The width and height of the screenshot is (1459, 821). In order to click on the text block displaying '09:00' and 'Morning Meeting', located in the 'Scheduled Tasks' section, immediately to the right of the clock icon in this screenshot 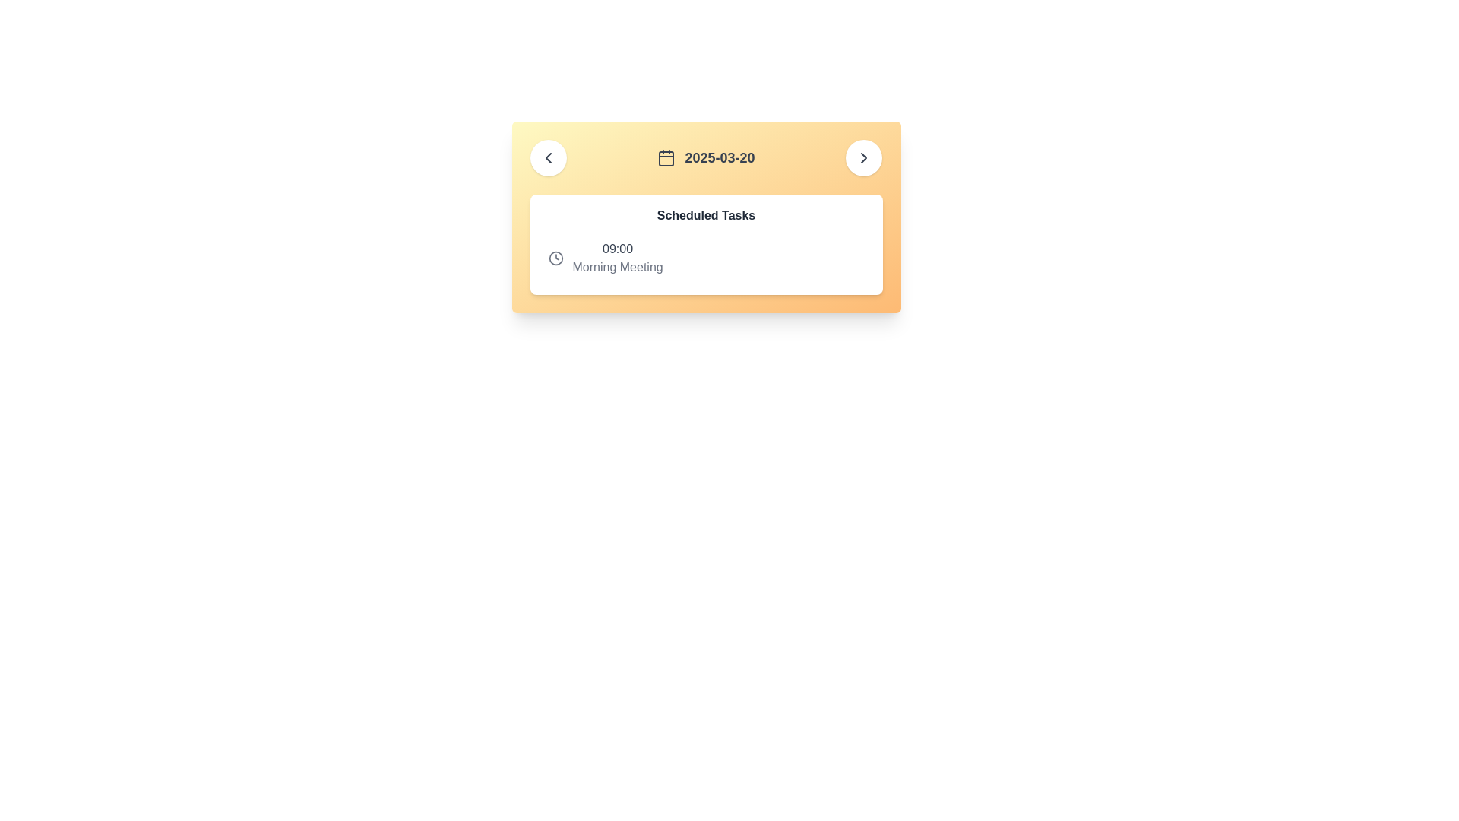, I will do `click(618, 257)`.